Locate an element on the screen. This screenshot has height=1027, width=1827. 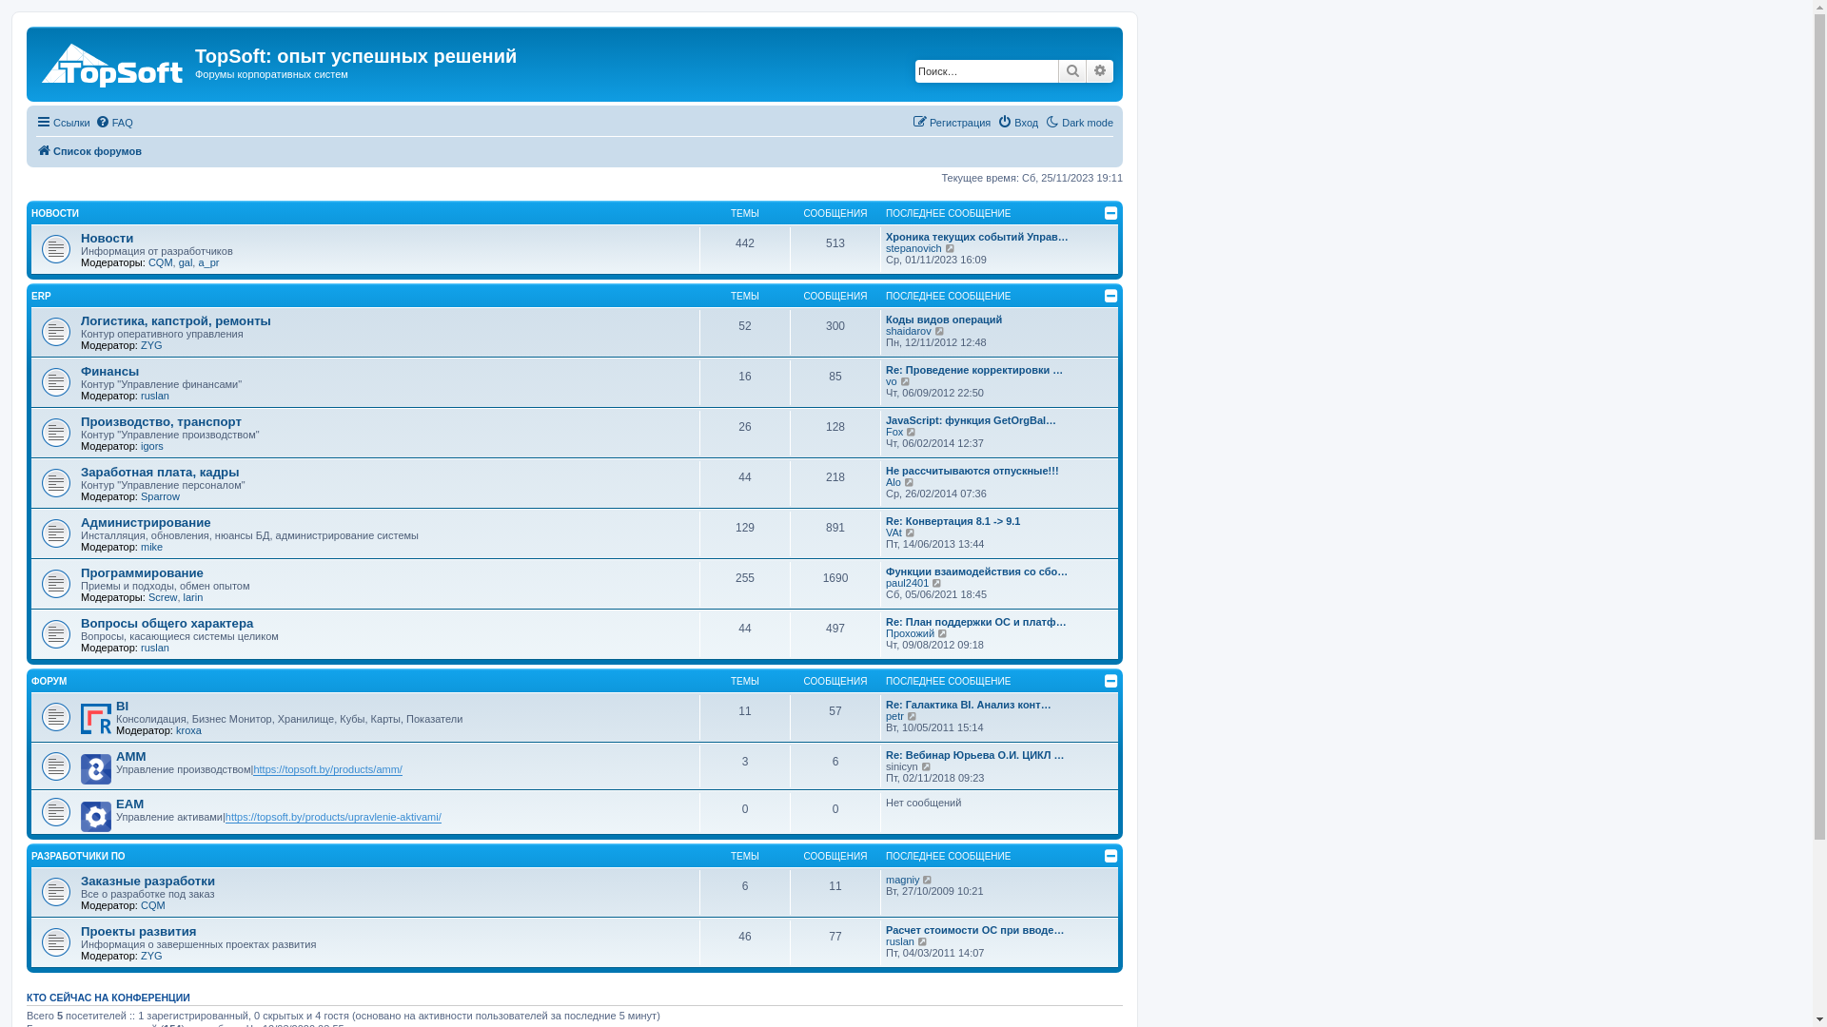
'igors' is located at coordinates (150, 446).